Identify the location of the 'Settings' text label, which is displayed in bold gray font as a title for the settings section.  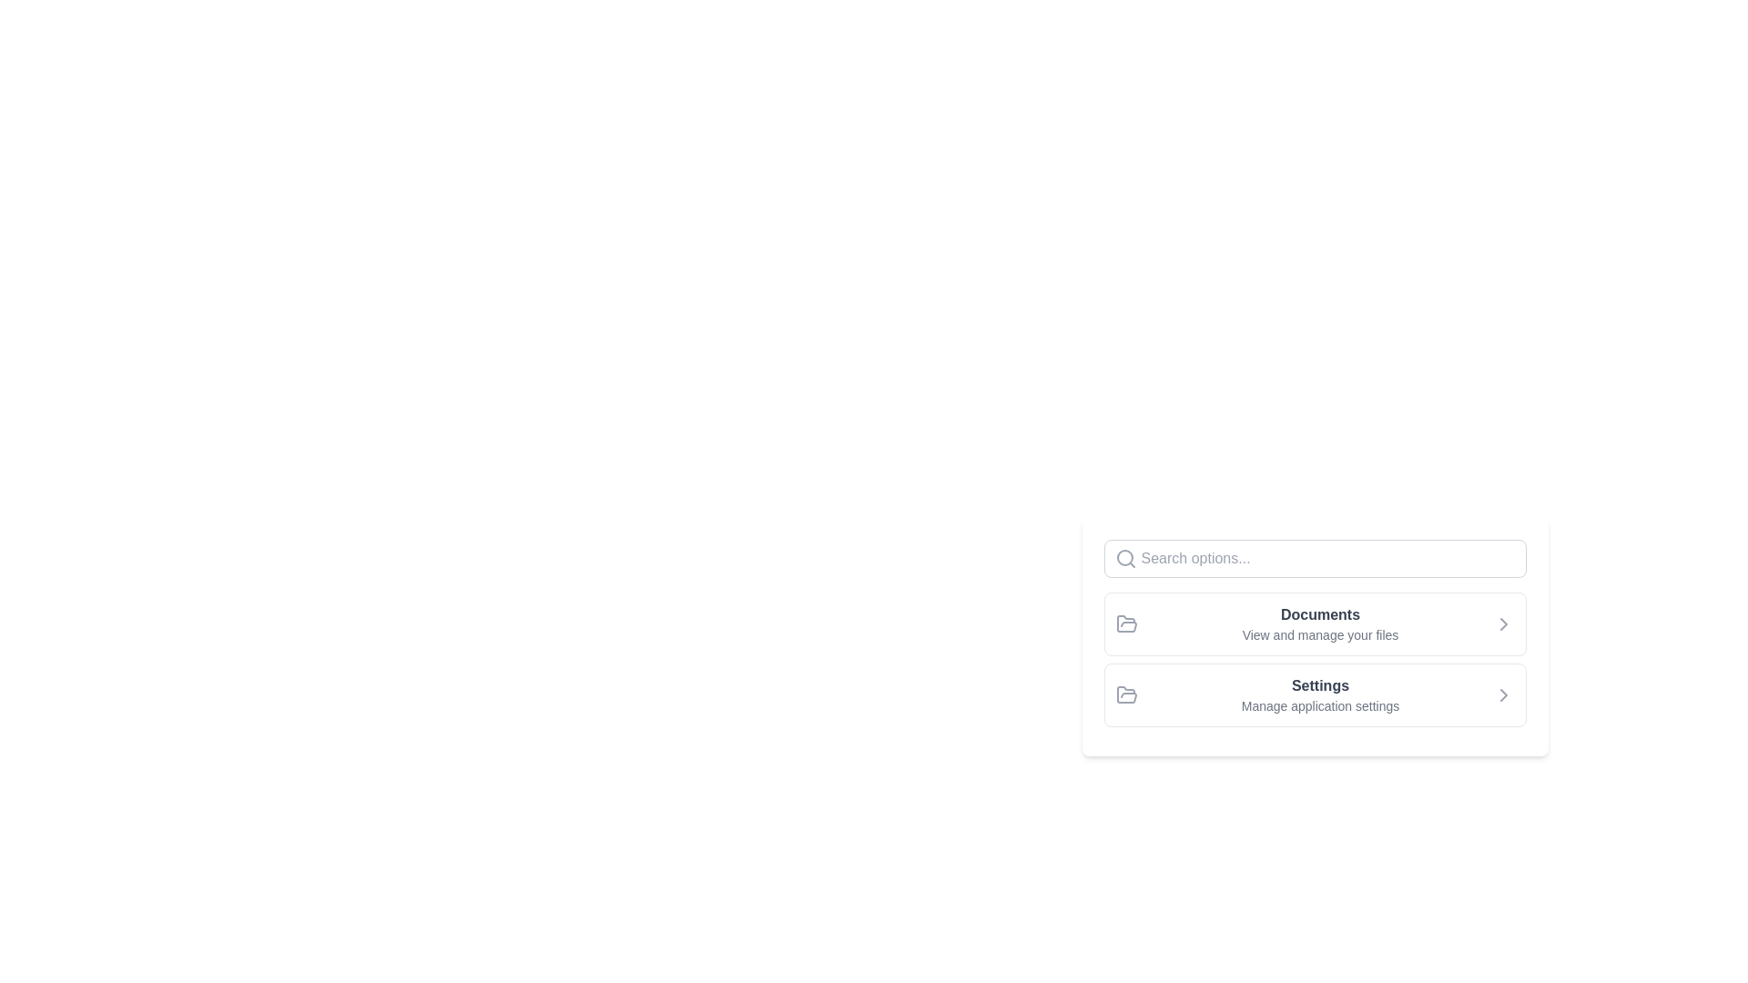
(1320, 685).